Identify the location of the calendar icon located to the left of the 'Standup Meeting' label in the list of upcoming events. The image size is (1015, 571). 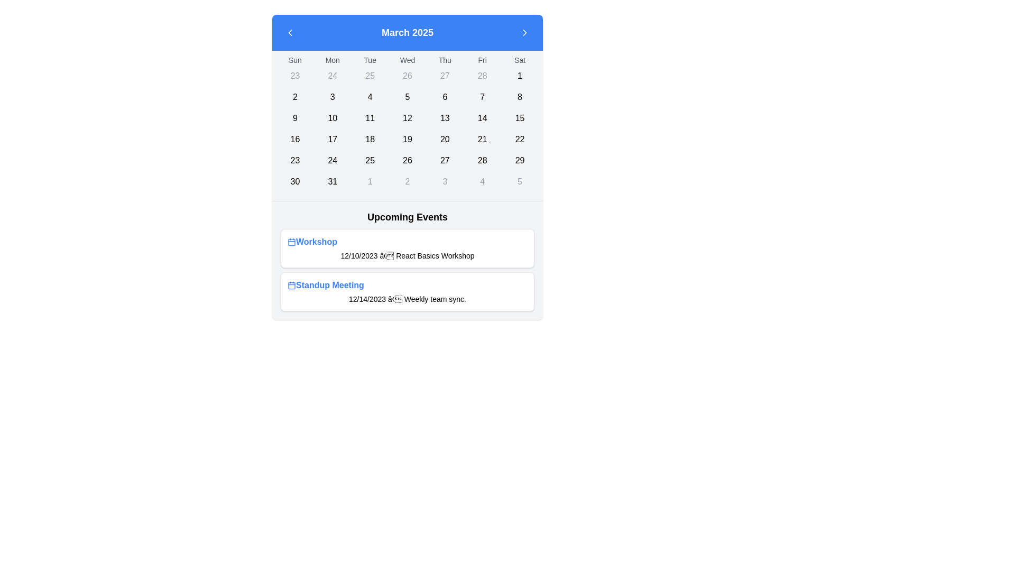
(292, 285).